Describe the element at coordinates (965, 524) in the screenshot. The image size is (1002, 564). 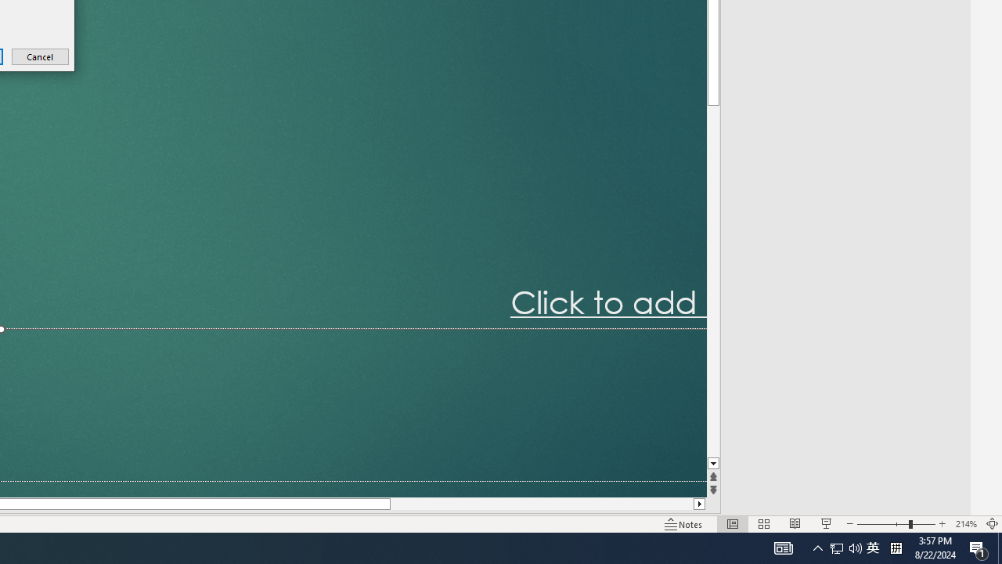
I see `'Zoom 214%'` at that location.